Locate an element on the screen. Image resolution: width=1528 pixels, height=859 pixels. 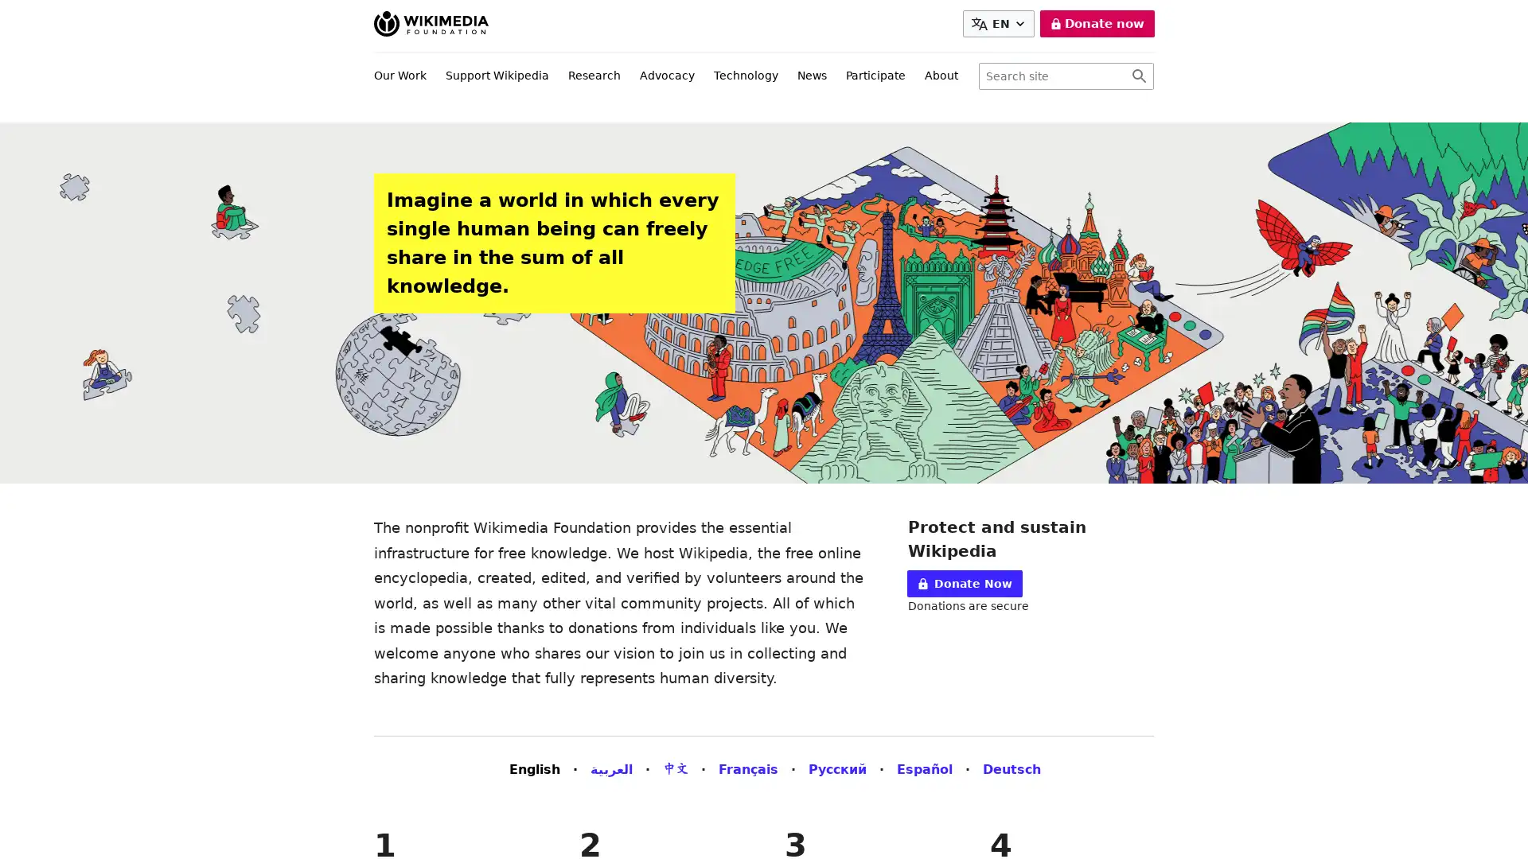
Search is located at coordinates (1138, 76).